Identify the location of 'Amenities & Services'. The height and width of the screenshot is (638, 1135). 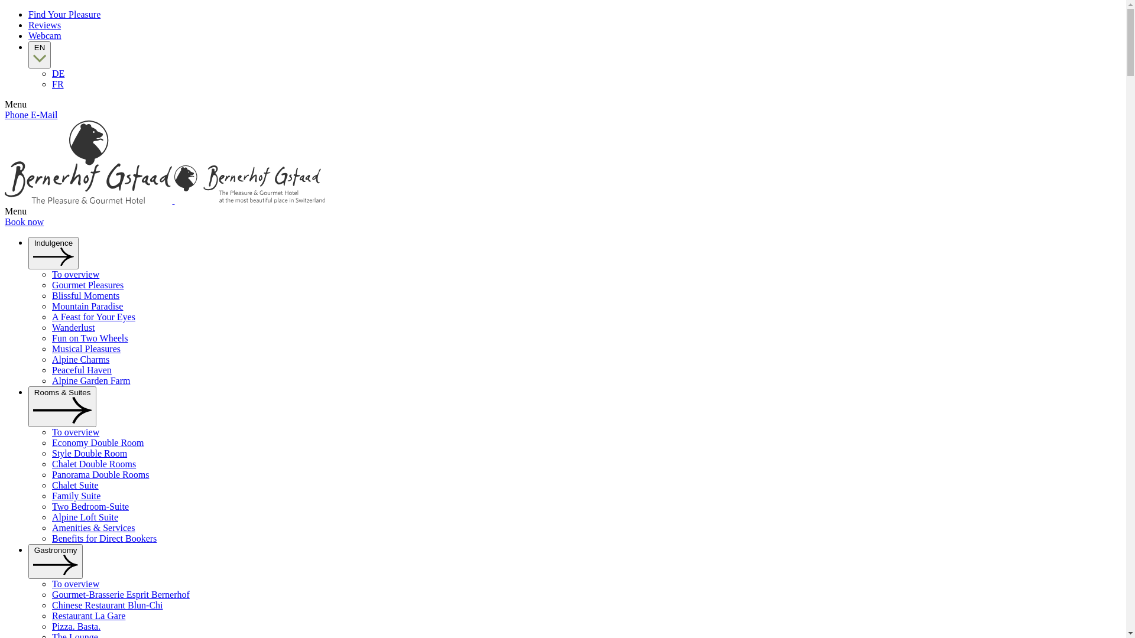
(93, 527).